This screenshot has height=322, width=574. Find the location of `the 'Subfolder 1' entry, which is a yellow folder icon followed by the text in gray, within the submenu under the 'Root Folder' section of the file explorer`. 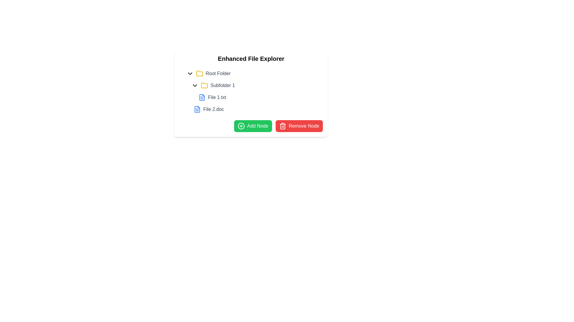

the 'Subfolder 1' entry, which is a yellow folder icon followed by the text in gray, within the submenu under the 'Root Folder' section of the file explorer is located at coordinates (217, 85).